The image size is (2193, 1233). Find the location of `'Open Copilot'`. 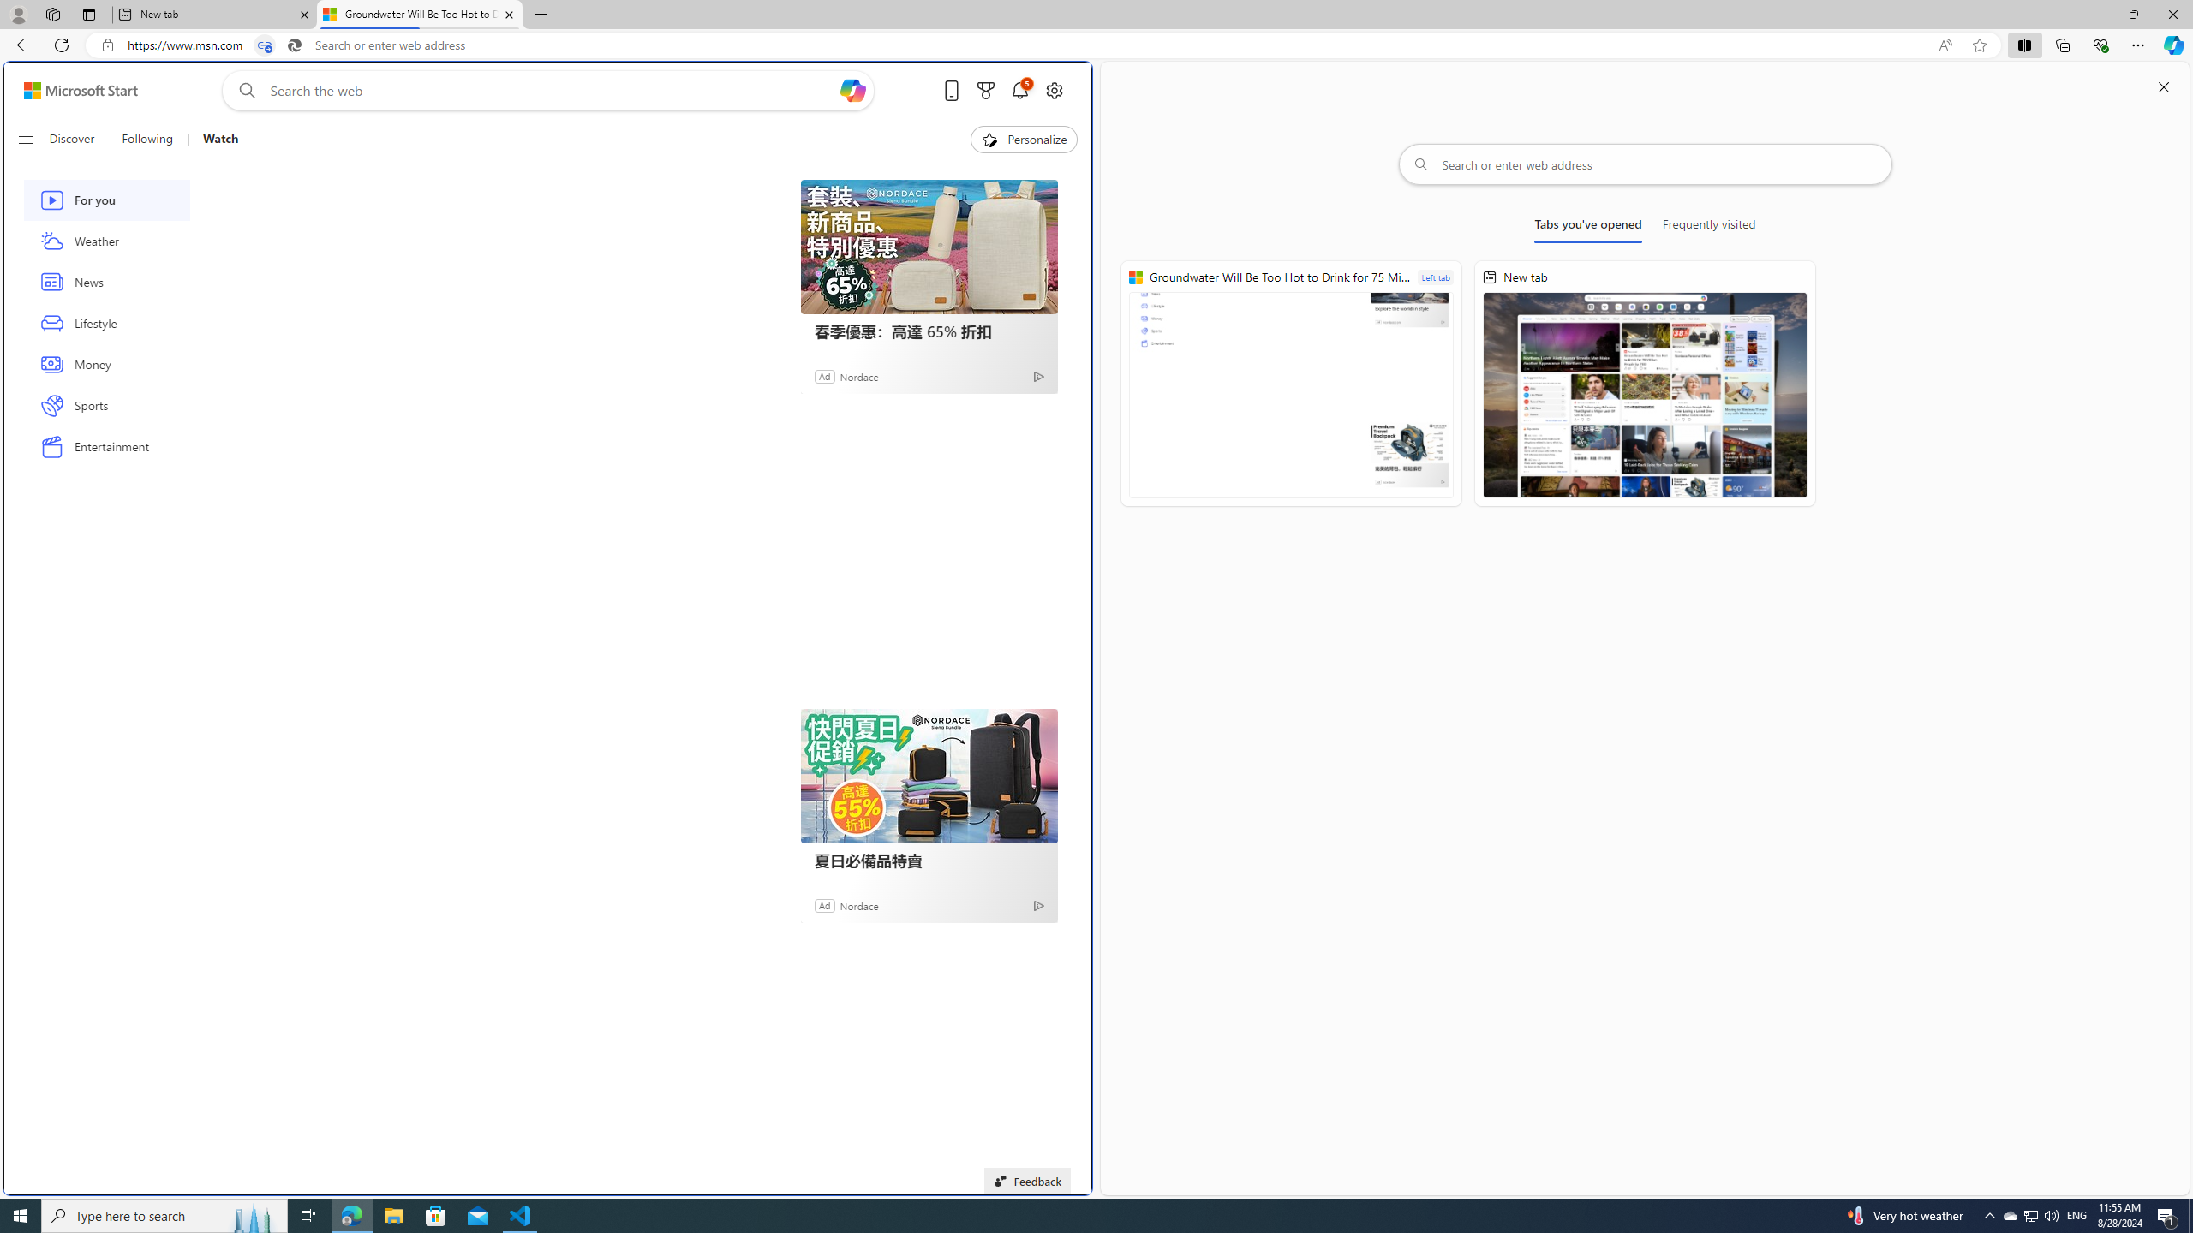

'Open Copilot' is located at coordinates (852, 89).